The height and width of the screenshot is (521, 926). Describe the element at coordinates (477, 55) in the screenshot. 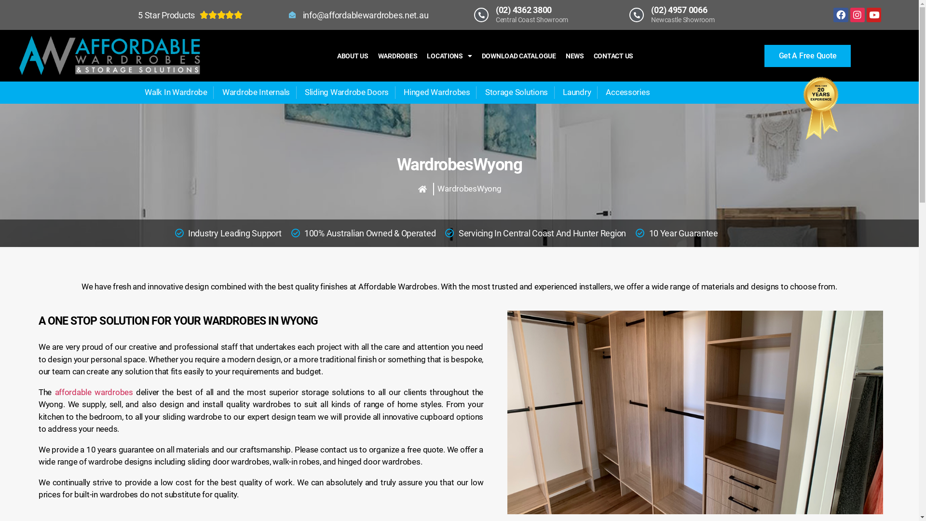

I see `'DOWNLOAD CATALOGUE'` at that location.